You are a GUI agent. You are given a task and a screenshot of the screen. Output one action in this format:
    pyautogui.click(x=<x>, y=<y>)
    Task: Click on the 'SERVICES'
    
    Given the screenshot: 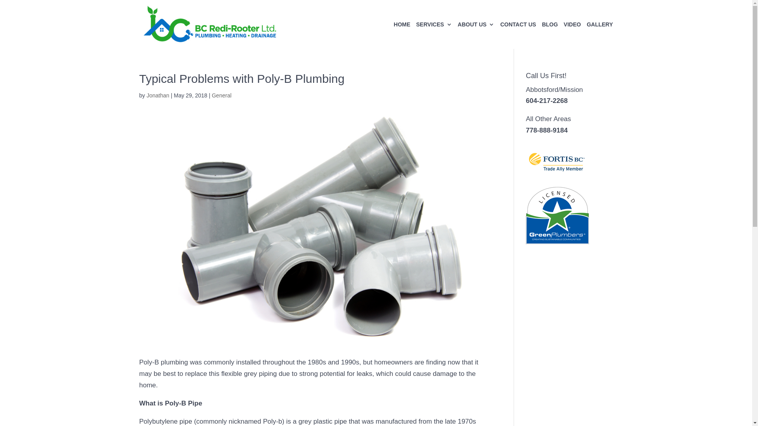 What is the action you would take?
    pyautogui.click(x=433, y=35)
    